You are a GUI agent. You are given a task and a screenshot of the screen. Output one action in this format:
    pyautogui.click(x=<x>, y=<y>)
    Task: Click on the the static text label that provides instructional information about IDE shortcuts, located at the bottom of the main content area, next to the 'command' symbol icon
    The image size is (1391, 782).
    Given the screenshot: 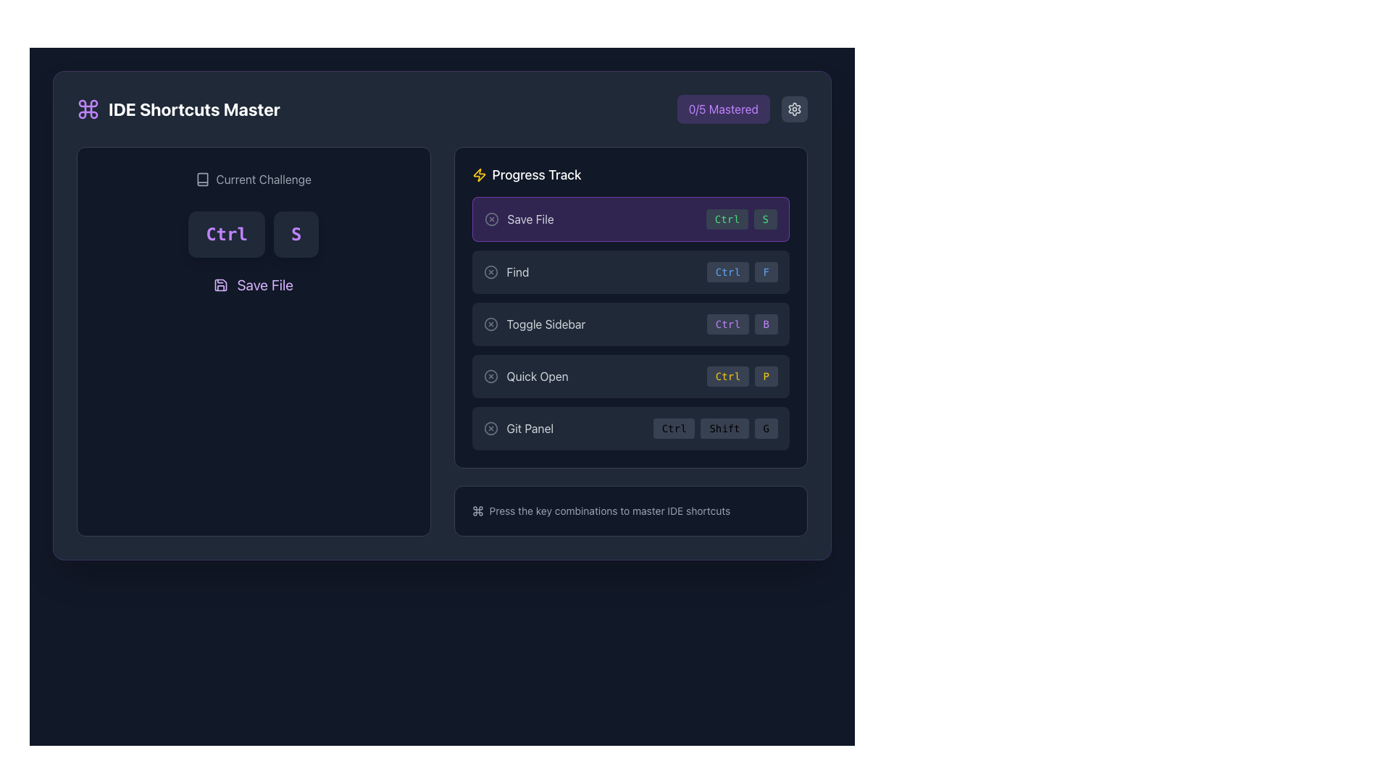 What is the action you would take?
    pyautogui.click(x=609, y=510)
    